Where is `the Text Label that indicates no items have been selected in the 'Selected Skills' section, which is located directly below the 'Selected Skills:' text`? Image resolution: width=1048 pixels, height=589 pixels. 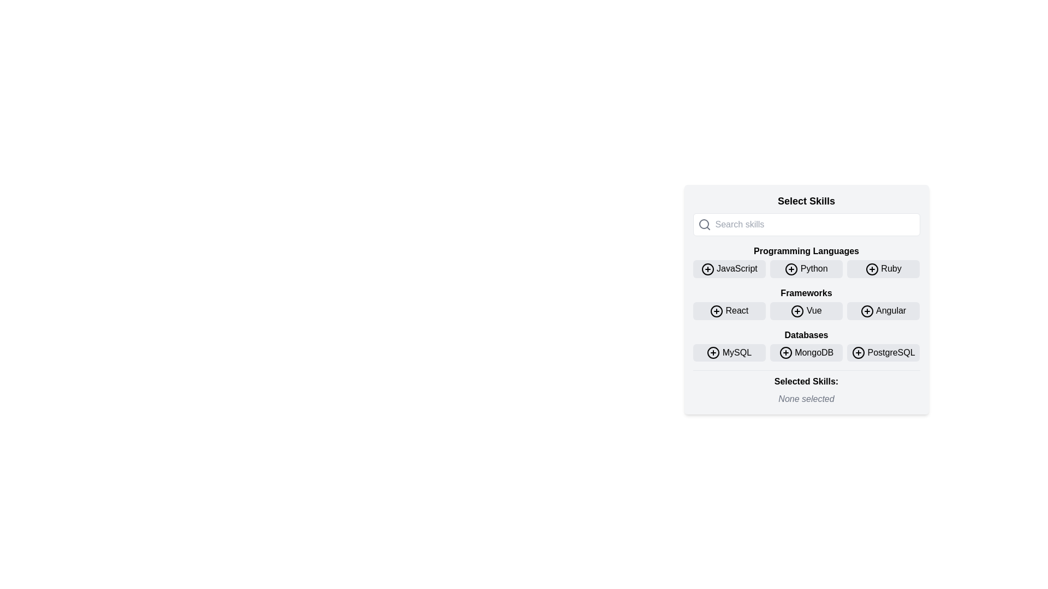 the Text Label that indicates no items have been selected in the 'Selected Skills' section, which is located directly below the 'Selected Skills:' text is located at coordinates (806, 399).